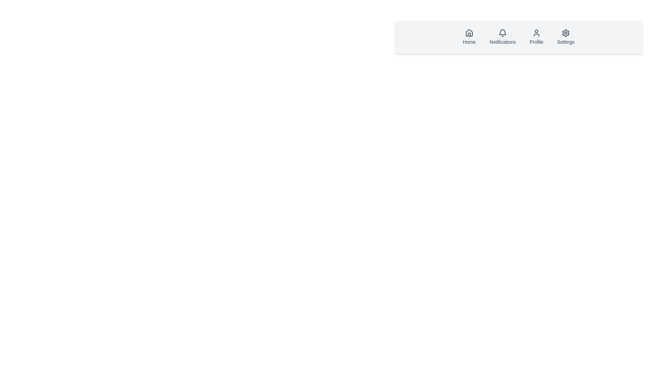 Image resolution: width=662 pixels, height=372 pixels. I want to click on the Notifications button located in the navigation bar, positioned between the Home and Profile menu items, so click(503, 37).